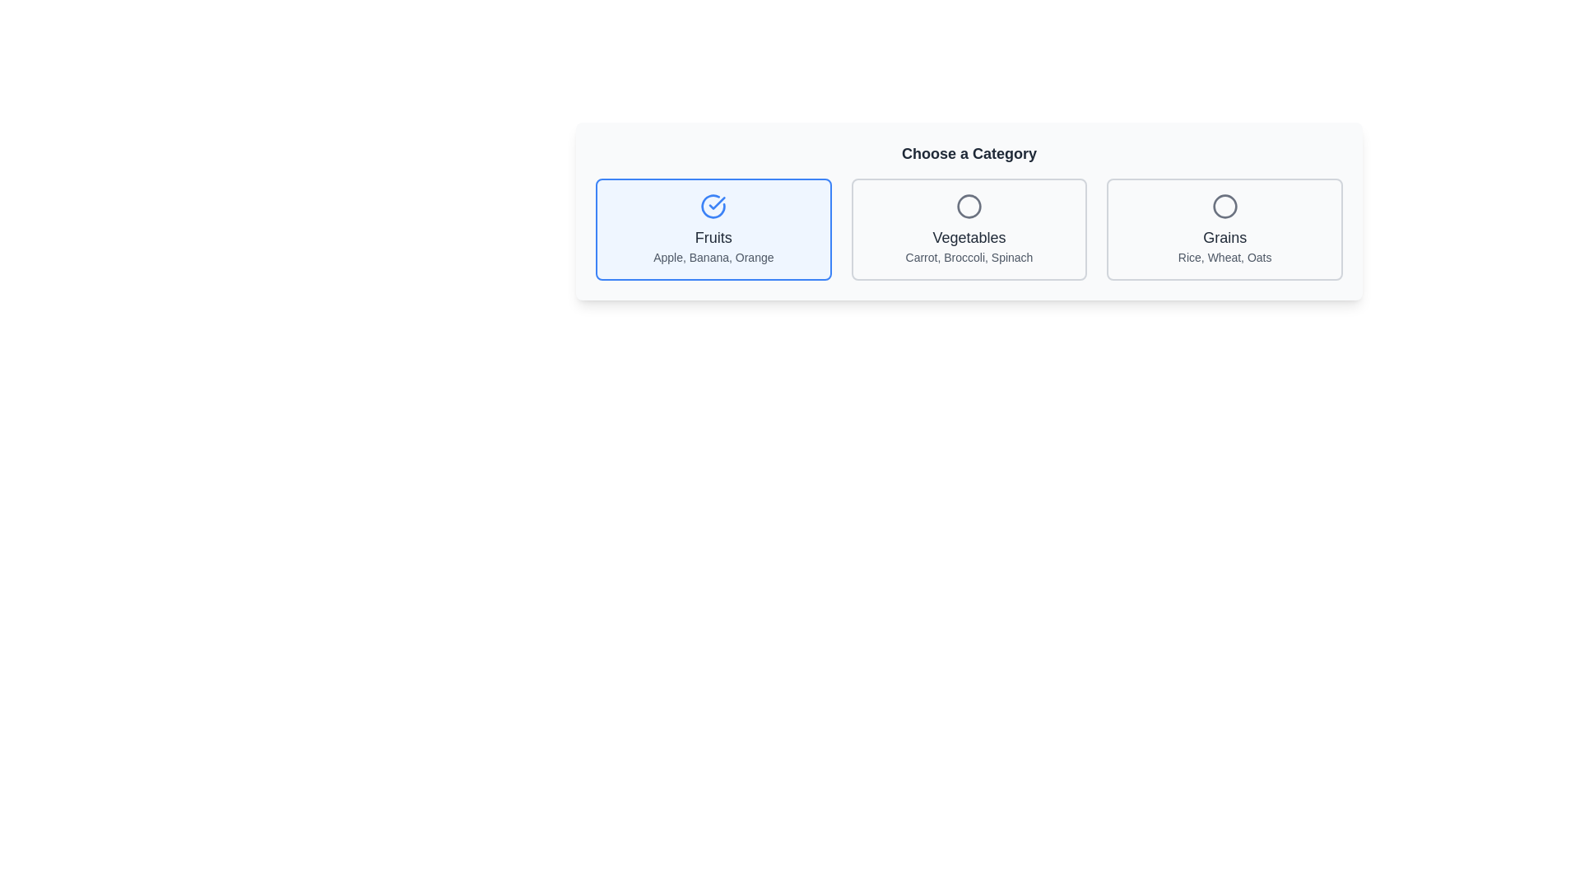  I want to click on the circular graphical icon indicating the active state of the 'Fruits' category, which is centrally positioned within the blue-highlighted card, so click(718, 202).